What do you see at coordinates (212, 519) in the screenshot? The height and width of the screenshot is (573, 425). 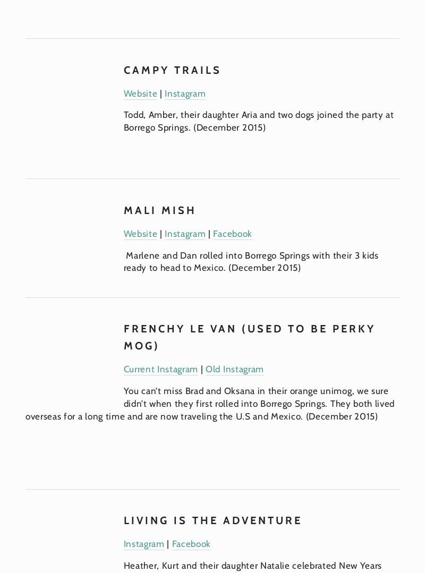 I see `'Living is the Adventure'` at bounding box center [212, 519].